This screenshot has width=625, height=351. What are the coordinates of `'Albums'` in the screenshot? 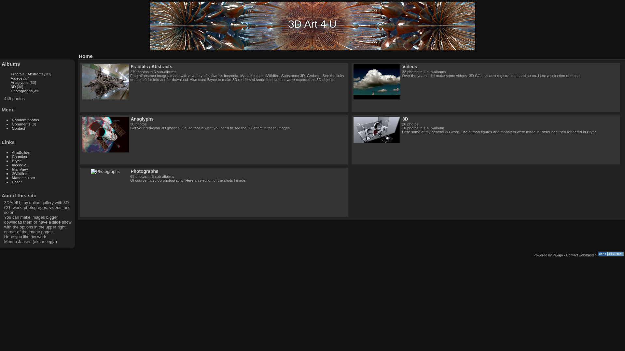 It's located at (11, 64).